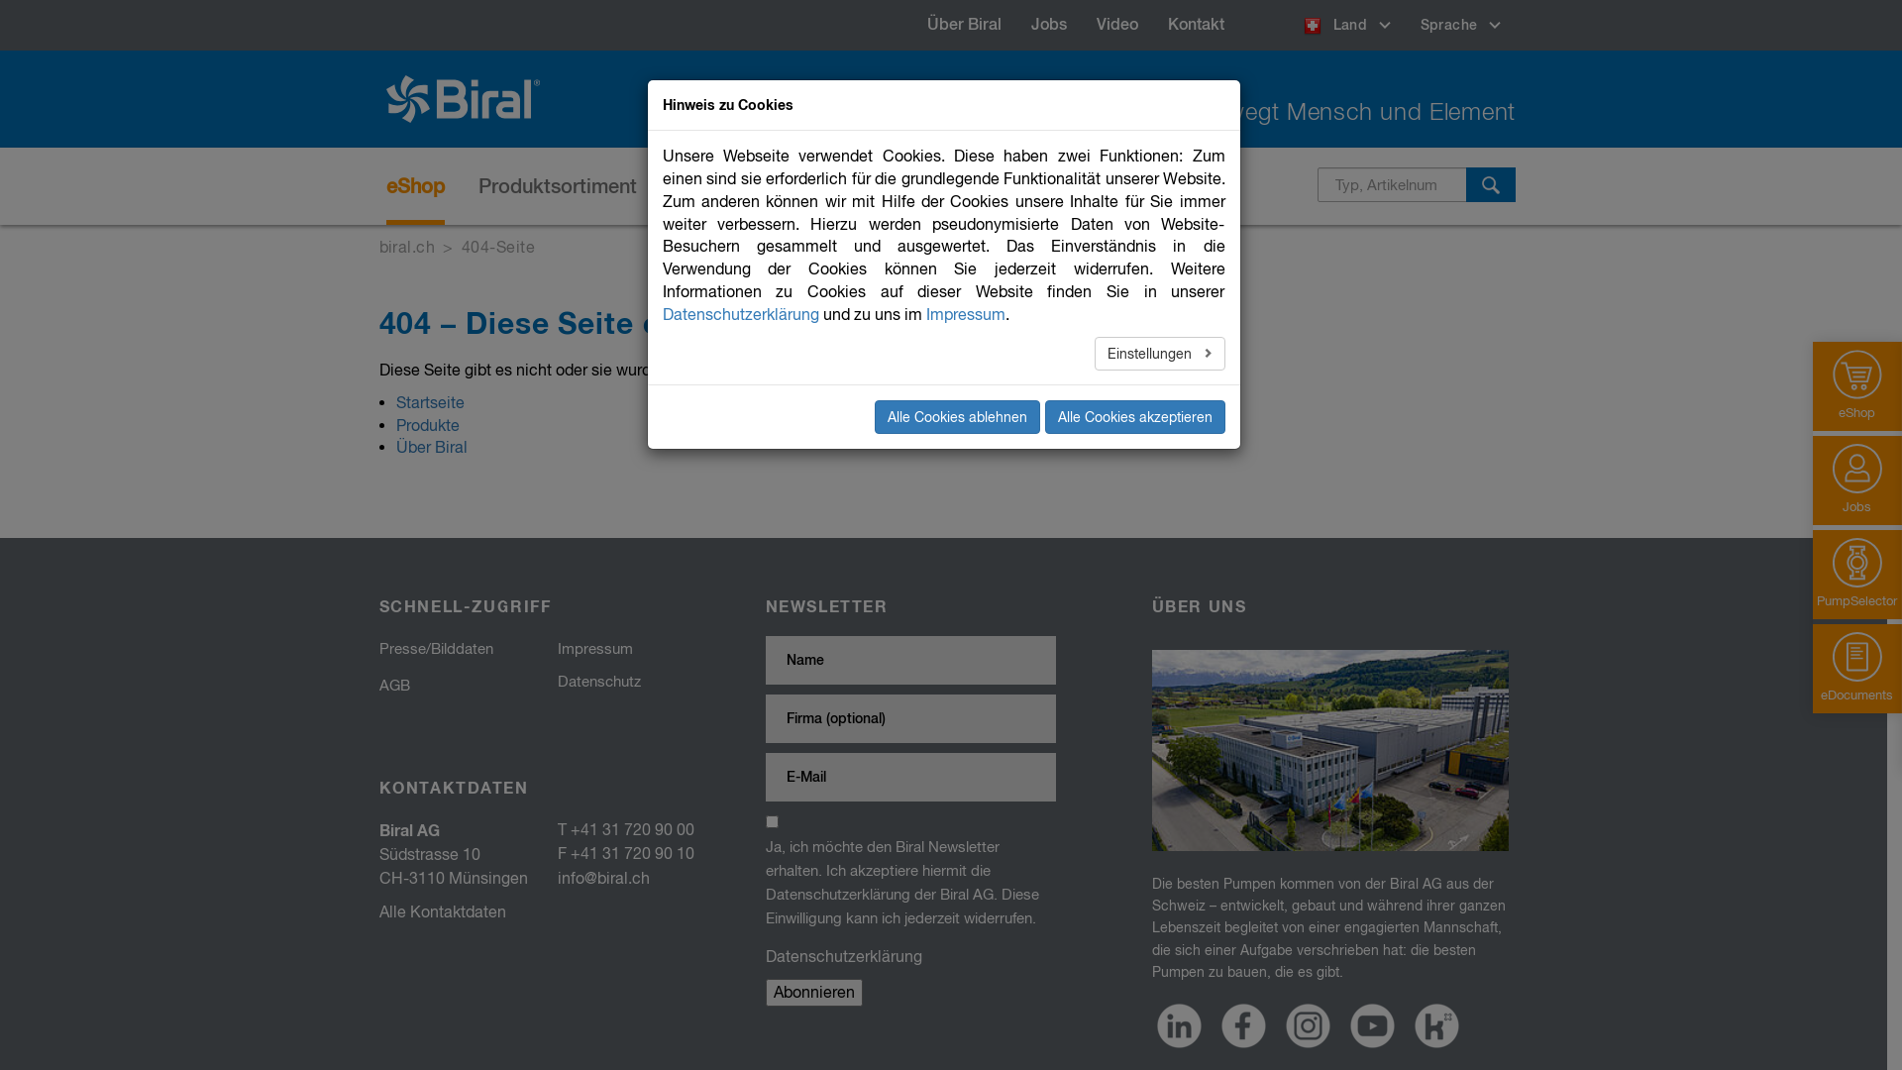  I want to click on 'eShop', so click(414, 186).